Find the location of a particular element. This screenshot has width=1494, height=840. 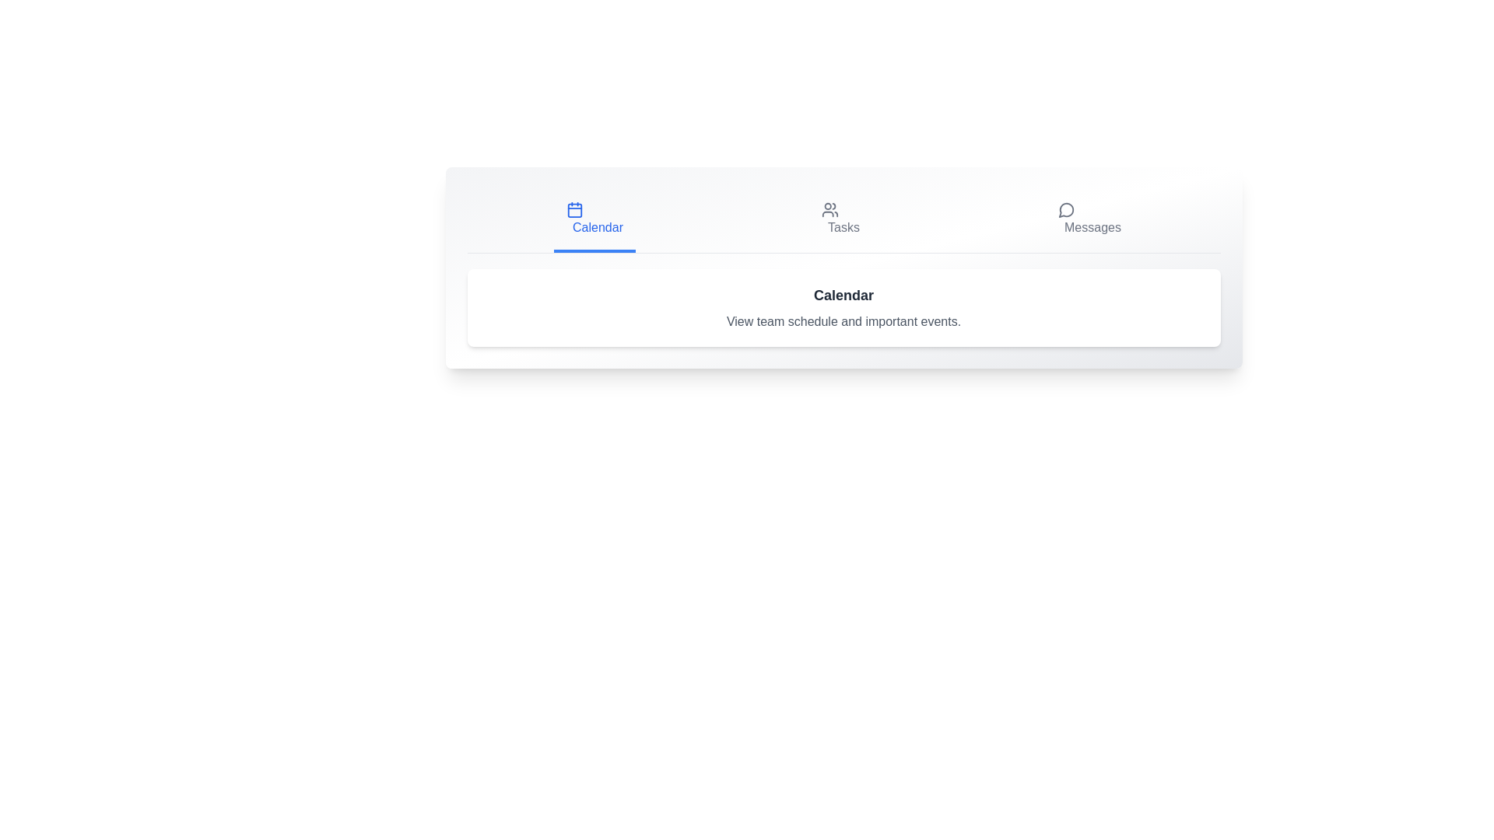

the Messages tab is located at coordinates (1089, 221).